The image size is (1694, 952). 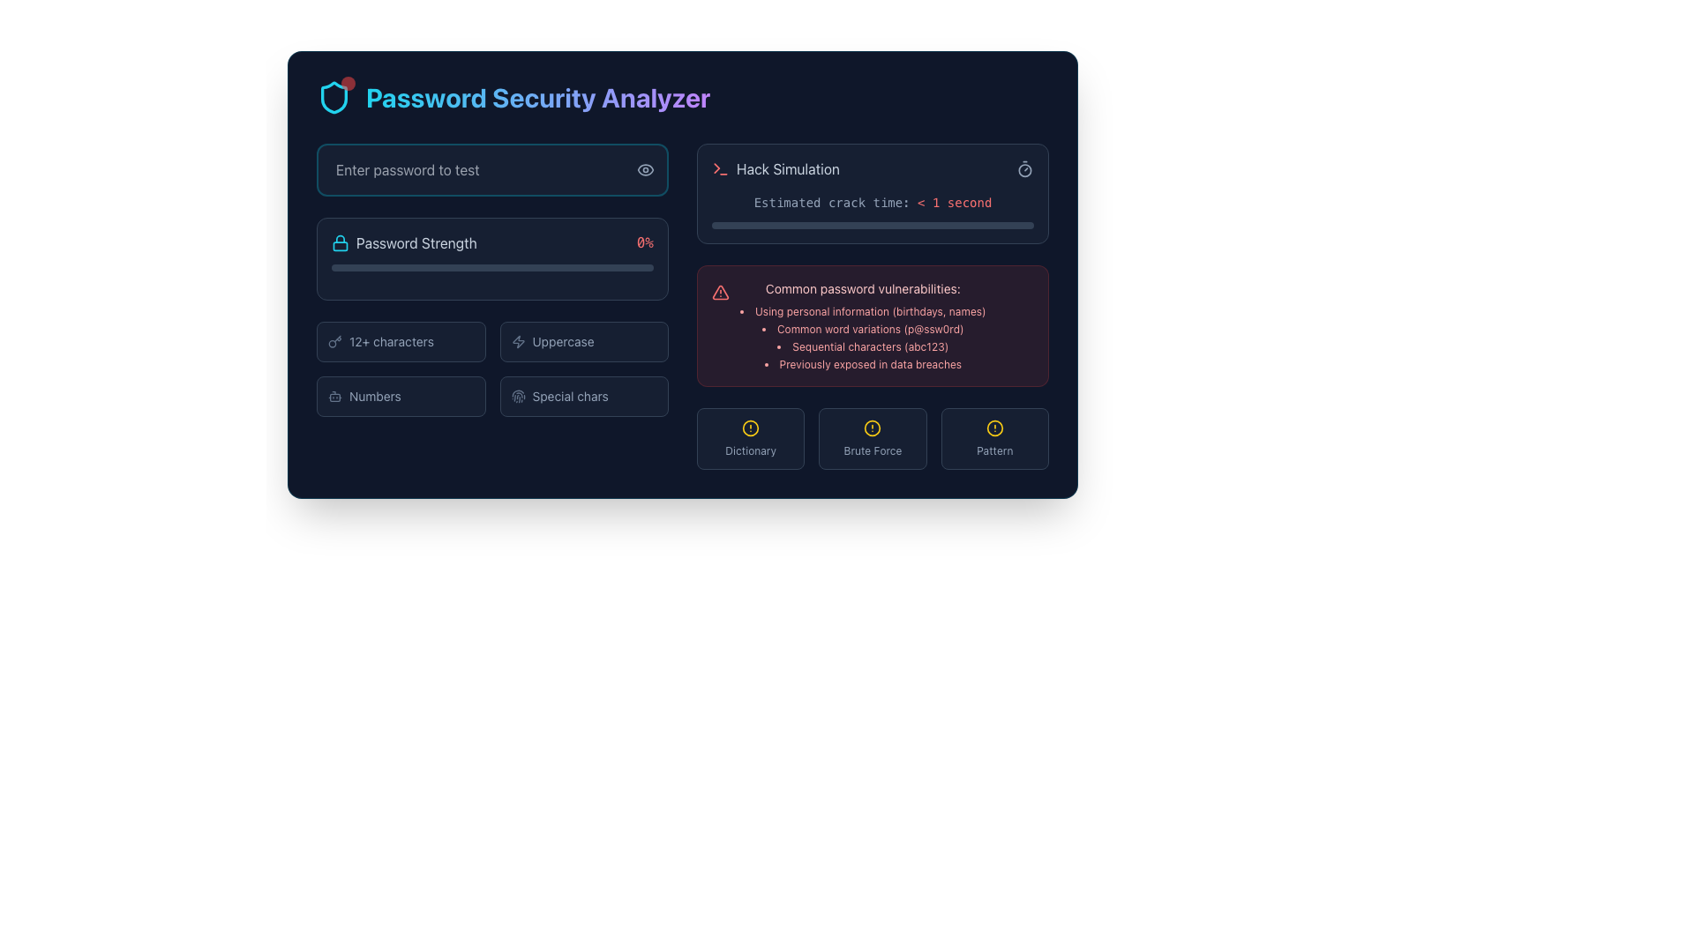 What do you see at coordinates (873, 305) in the screenshot?
I see `the informational panel that provides analysis of password security, located in the right half of the interface` at bounding box center [873, 305].